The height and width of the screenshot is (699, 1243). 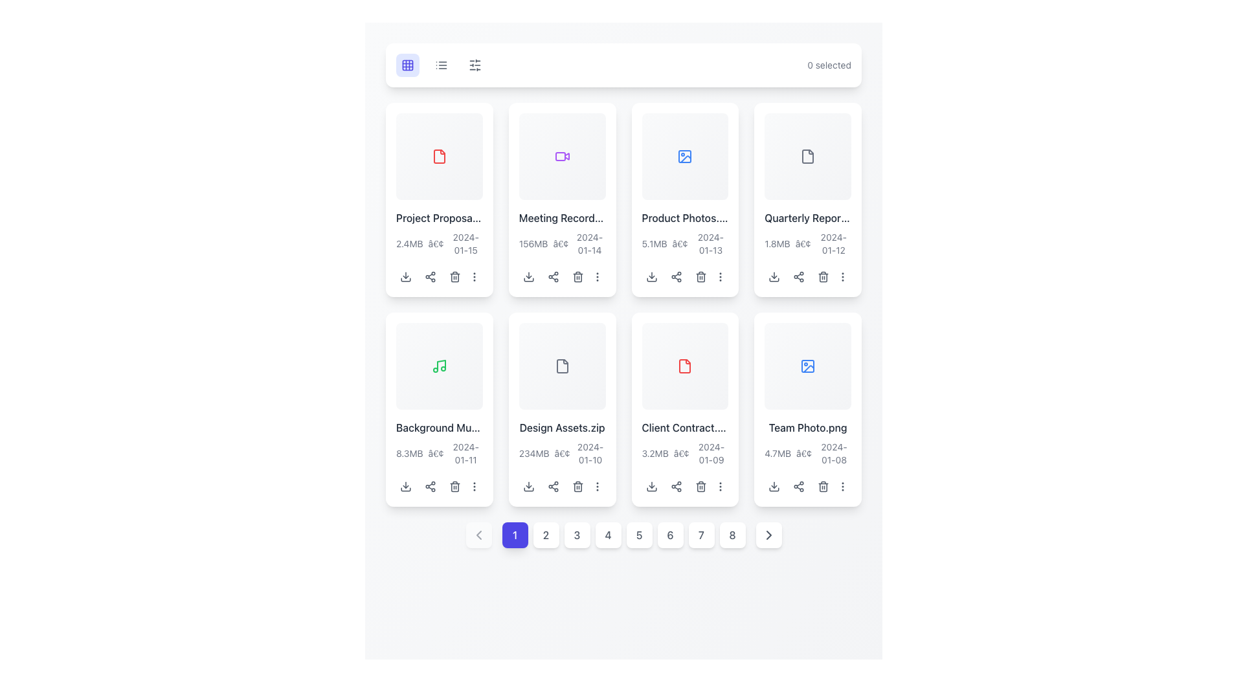 What do you see at coordinates (474, 486) in the screenshot?
I see `the vertical ellipsis icon located at the bottom-right corner of the 'Background Music.mp3' card` at bounding box center [474, 486].